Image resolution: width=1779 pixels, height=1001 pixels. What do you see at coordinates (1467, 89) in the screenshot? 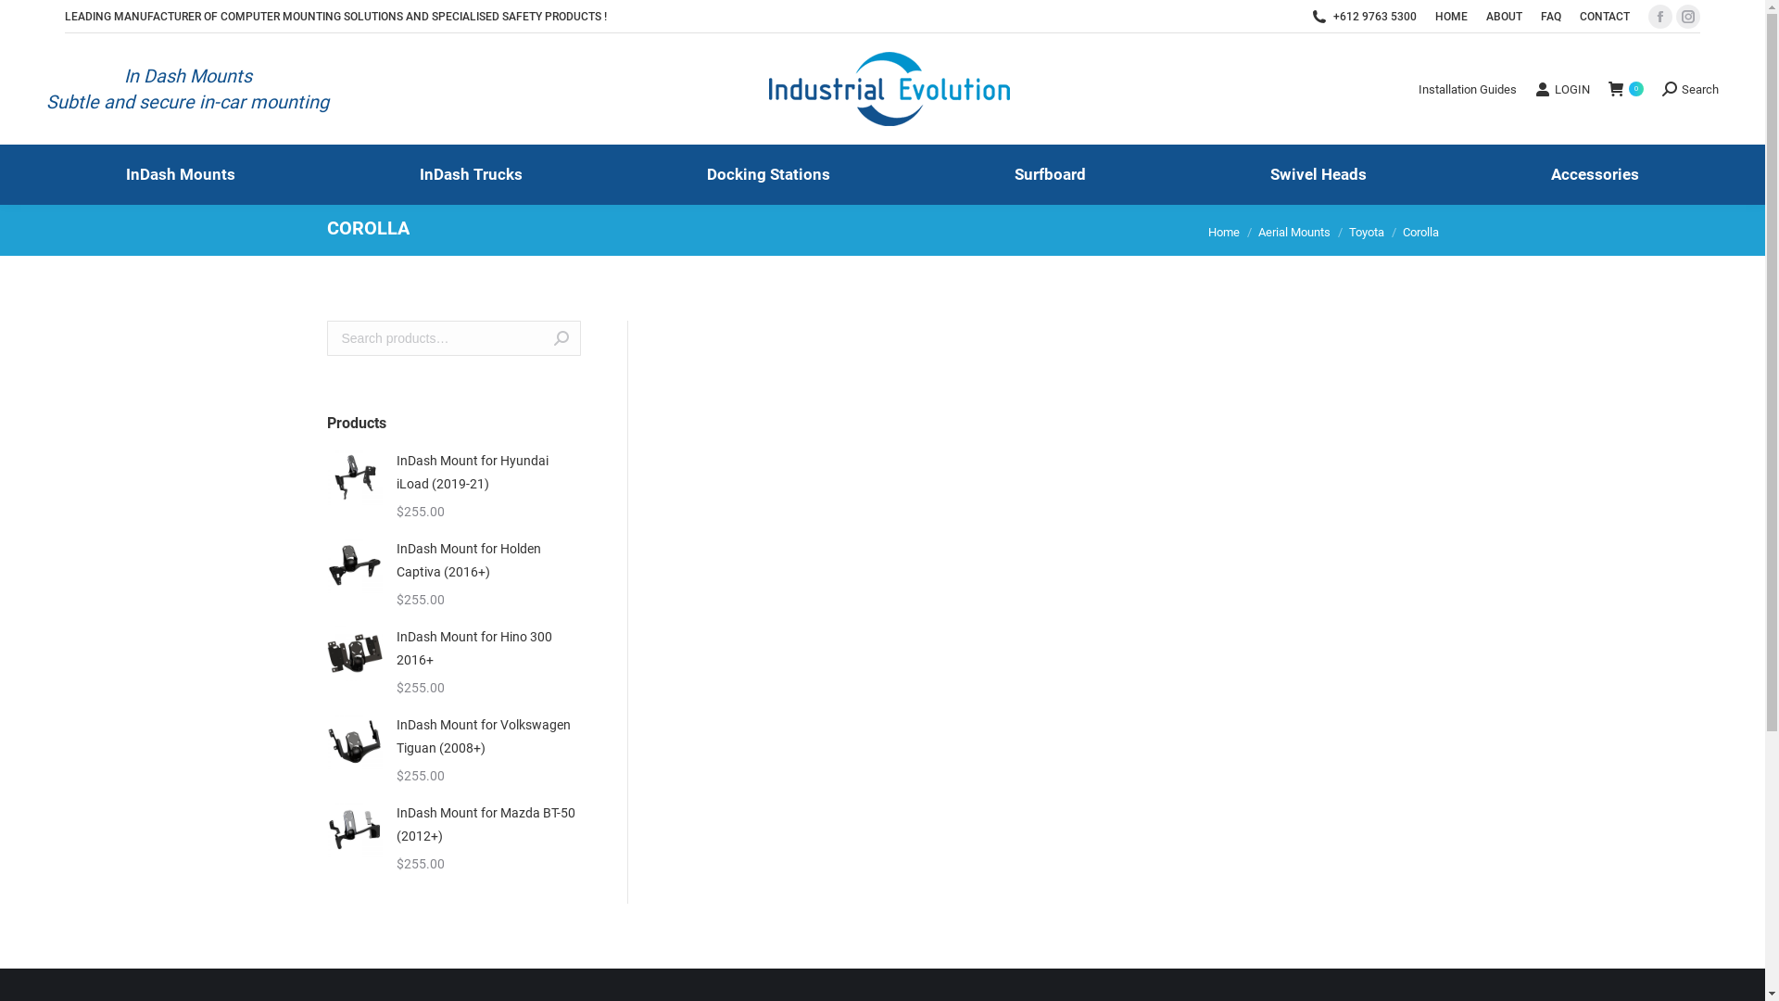
I see `'Installation Guides'` at bounding box center [1467, 89].